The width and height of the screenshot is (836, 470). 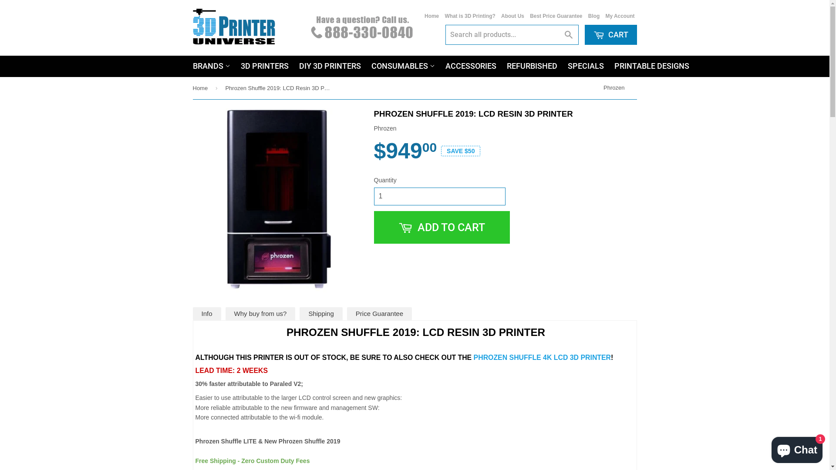 What do you see at coordinates (569, 35) in the screenshot?
I see `'Search'` at bounding box center [569, 35].